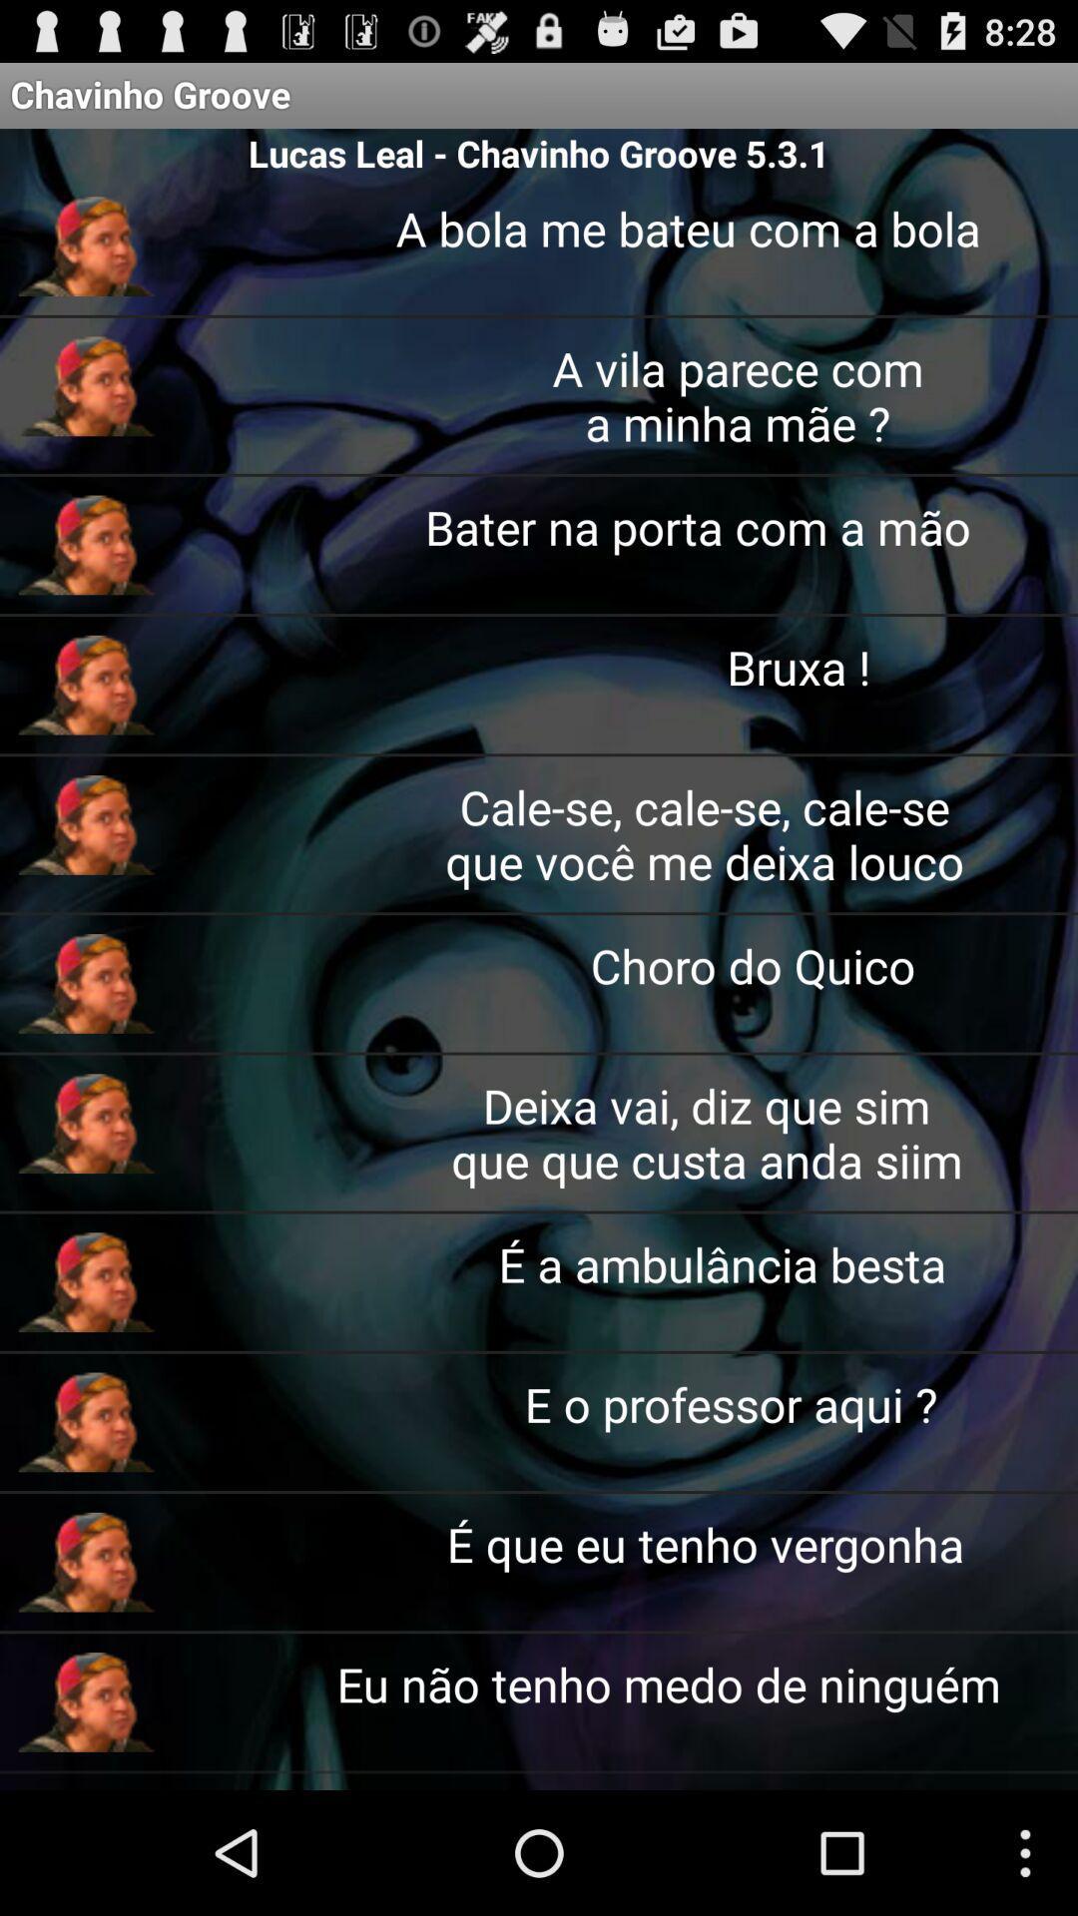  What do you see at coordinates (86, 1700) in the screenshot?
I see `the image on the bottom left corner of the web page` at bounding box center [86, 1700].